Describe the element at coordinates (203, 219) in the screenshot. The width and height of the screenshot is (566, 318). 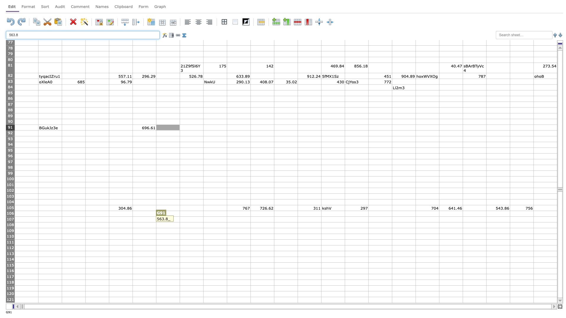
I see `Right side of cell H107` at that location.